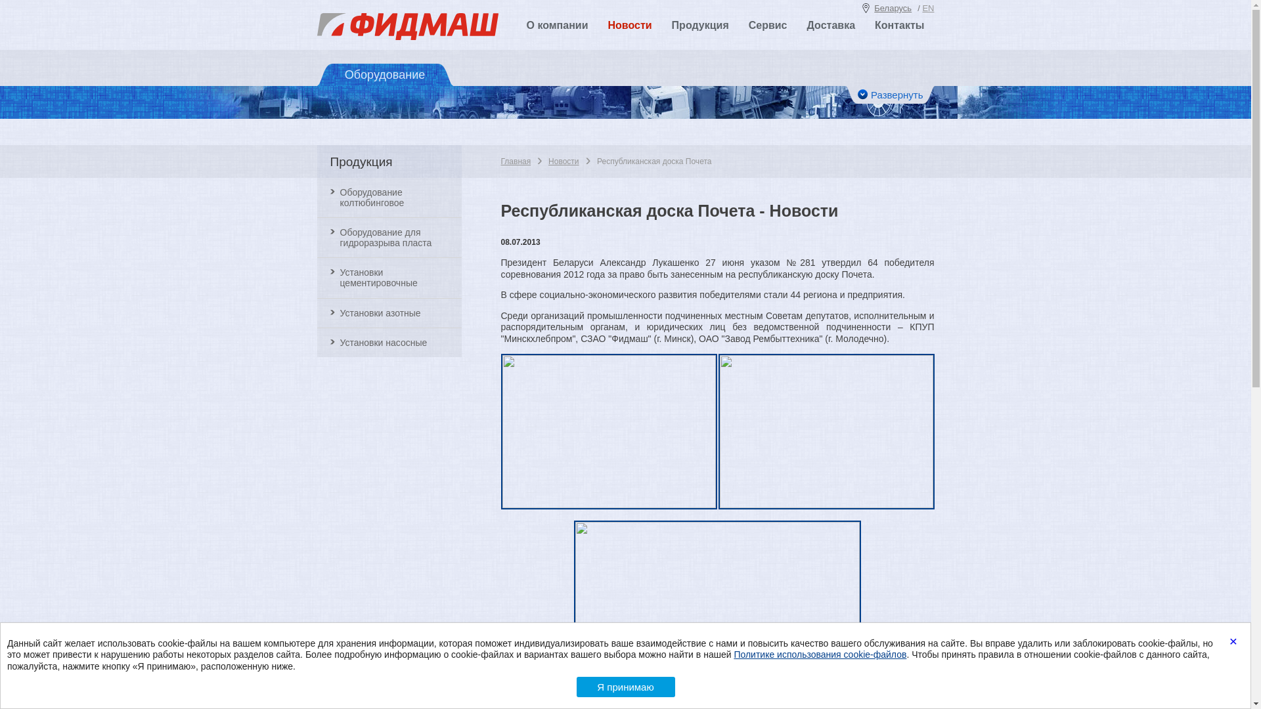 Image resolution: width=1261 pixels, height=709 pixels. What do you see at coordinates (406, 37) in the screenshot?
I see `'Fidmash'` at bounding box center [406, 37].